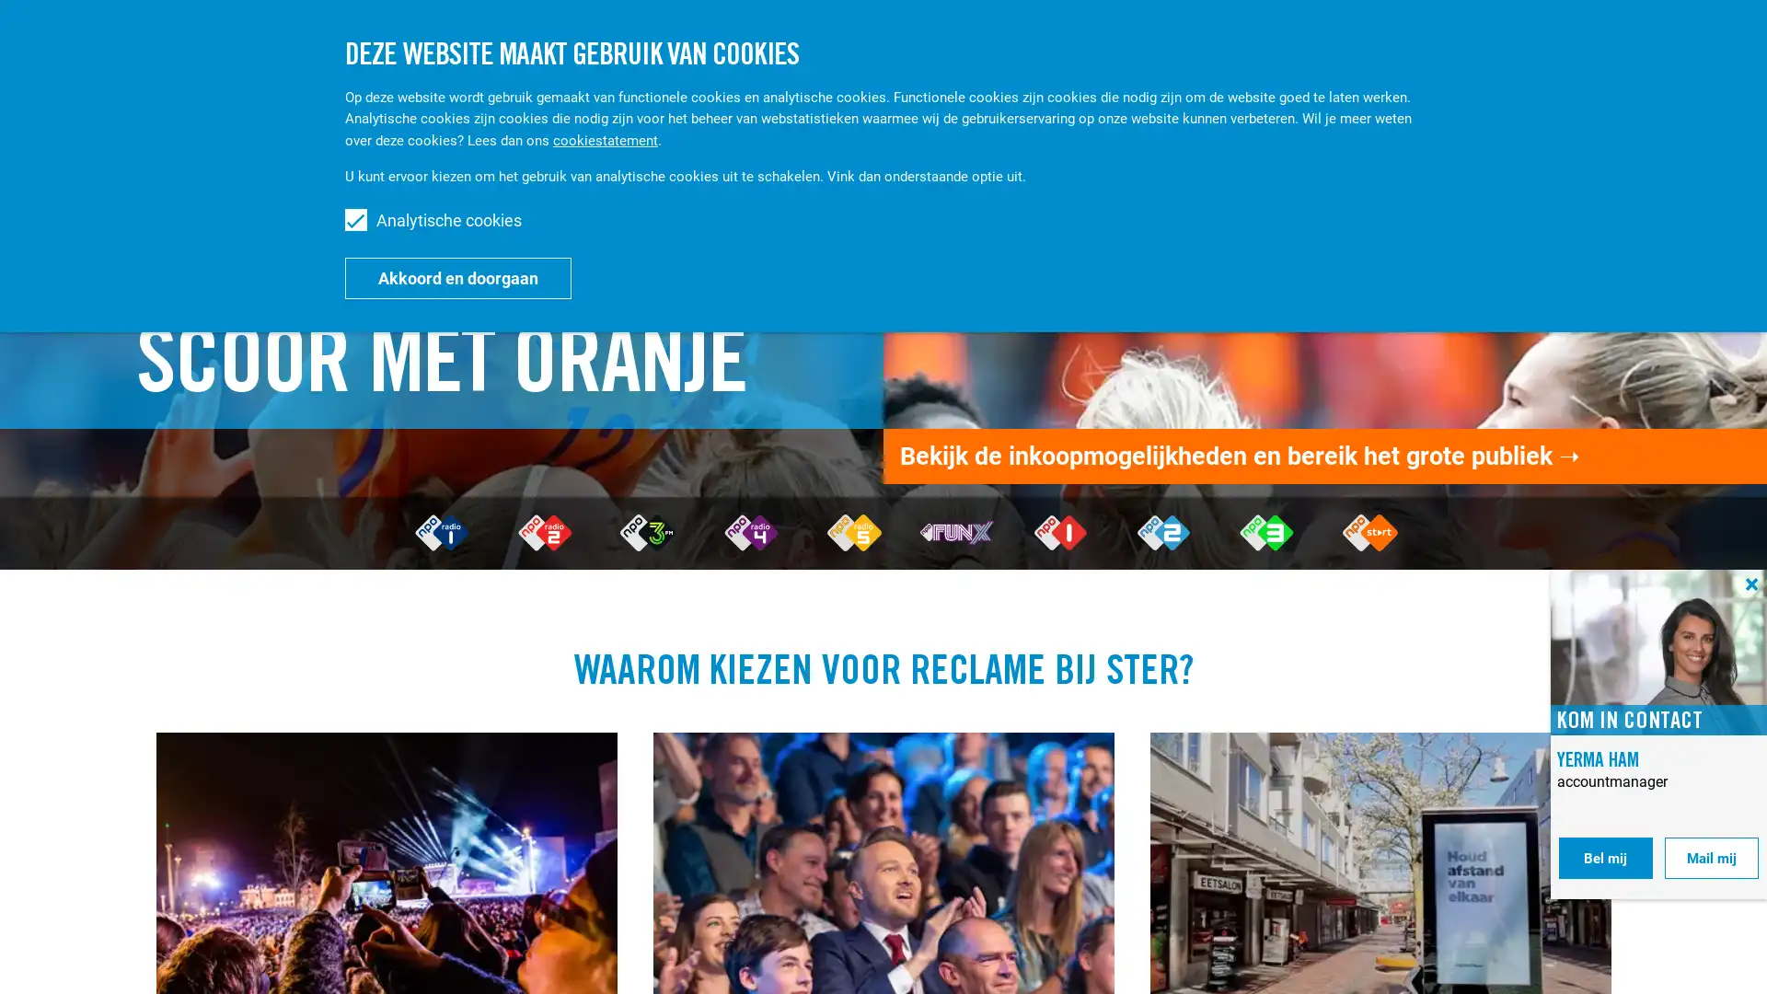 The height and width of the screenshot is (994, 1767). I want to click on Zoeken, so click(1576, 44).